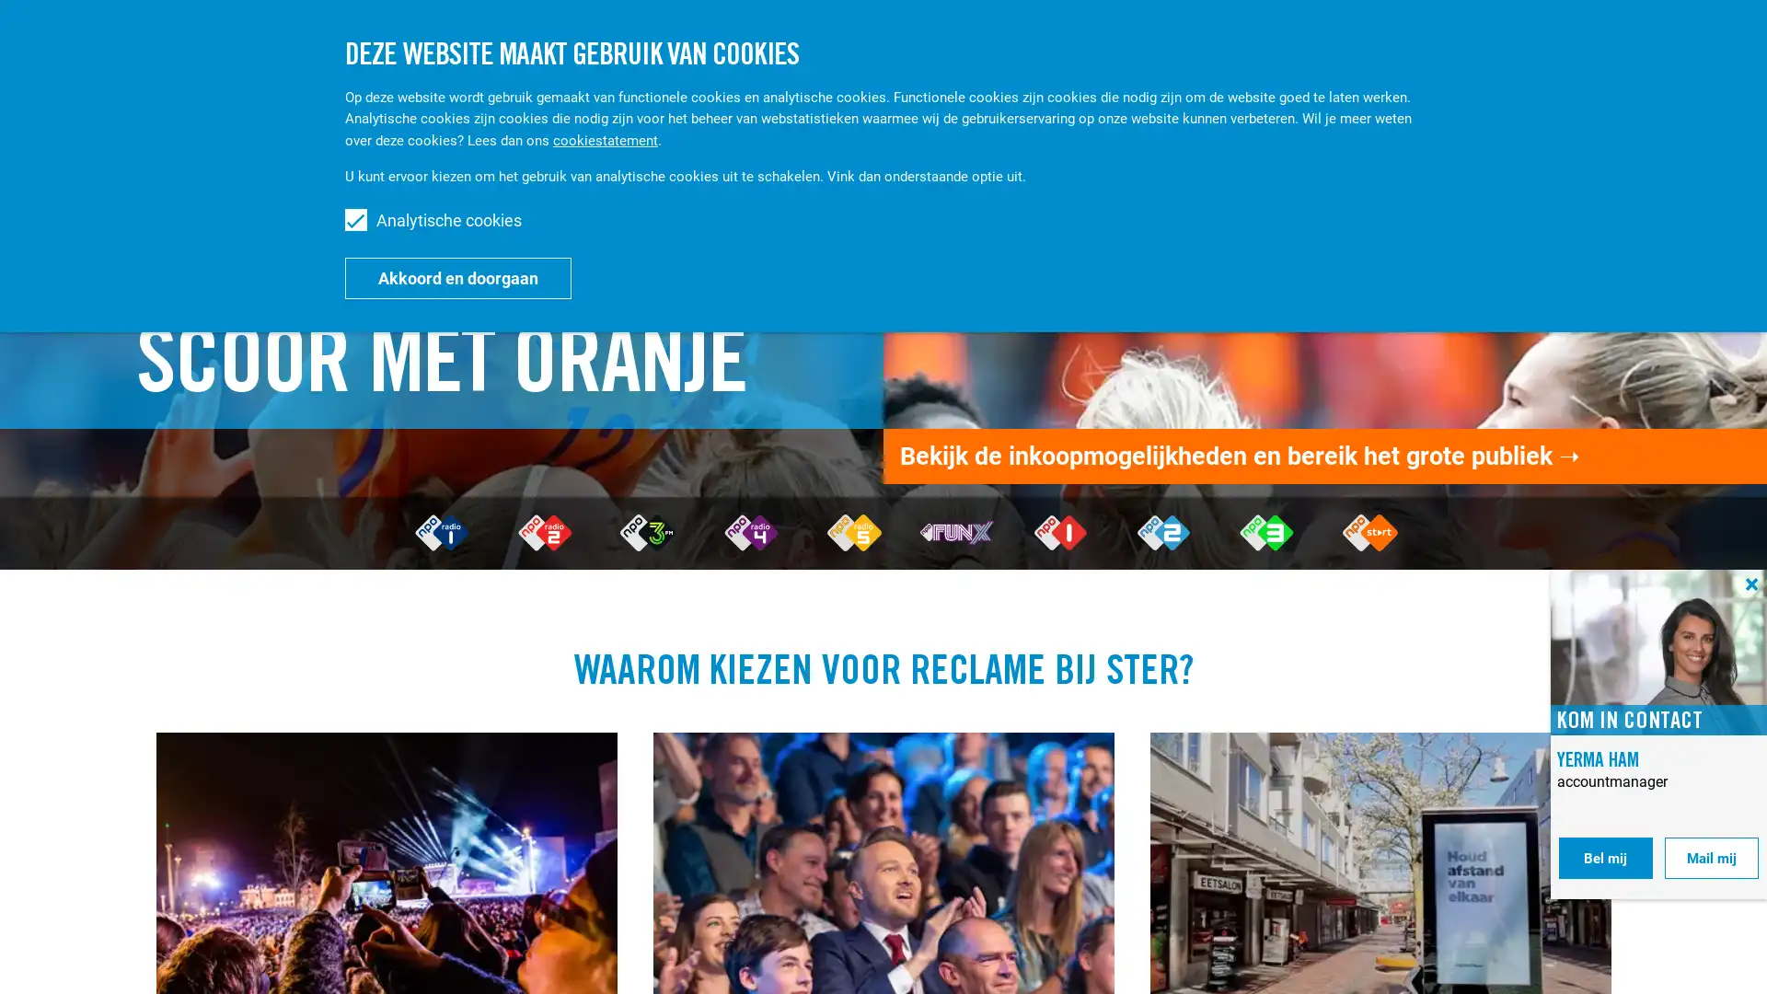 The height and width of the screenshot is (994, 1767). I want to click on Zoeken, so click(1576, 44).